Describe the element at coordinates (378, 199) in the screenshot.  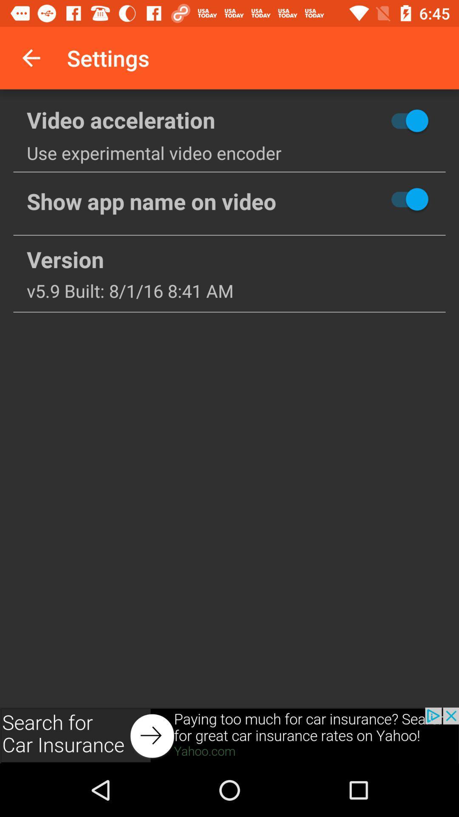
I see `hide button` at that location.